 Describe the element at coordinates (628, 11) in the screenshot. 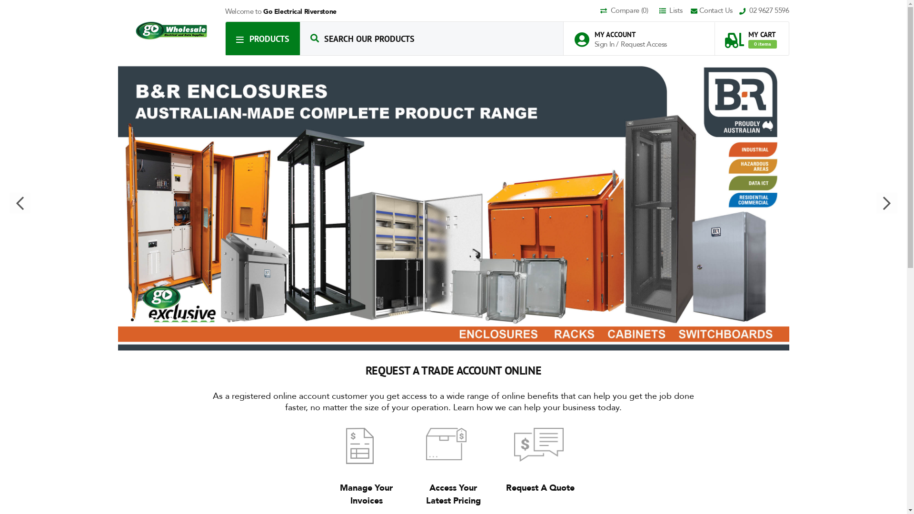

I see `'Compare 0'` at that location.